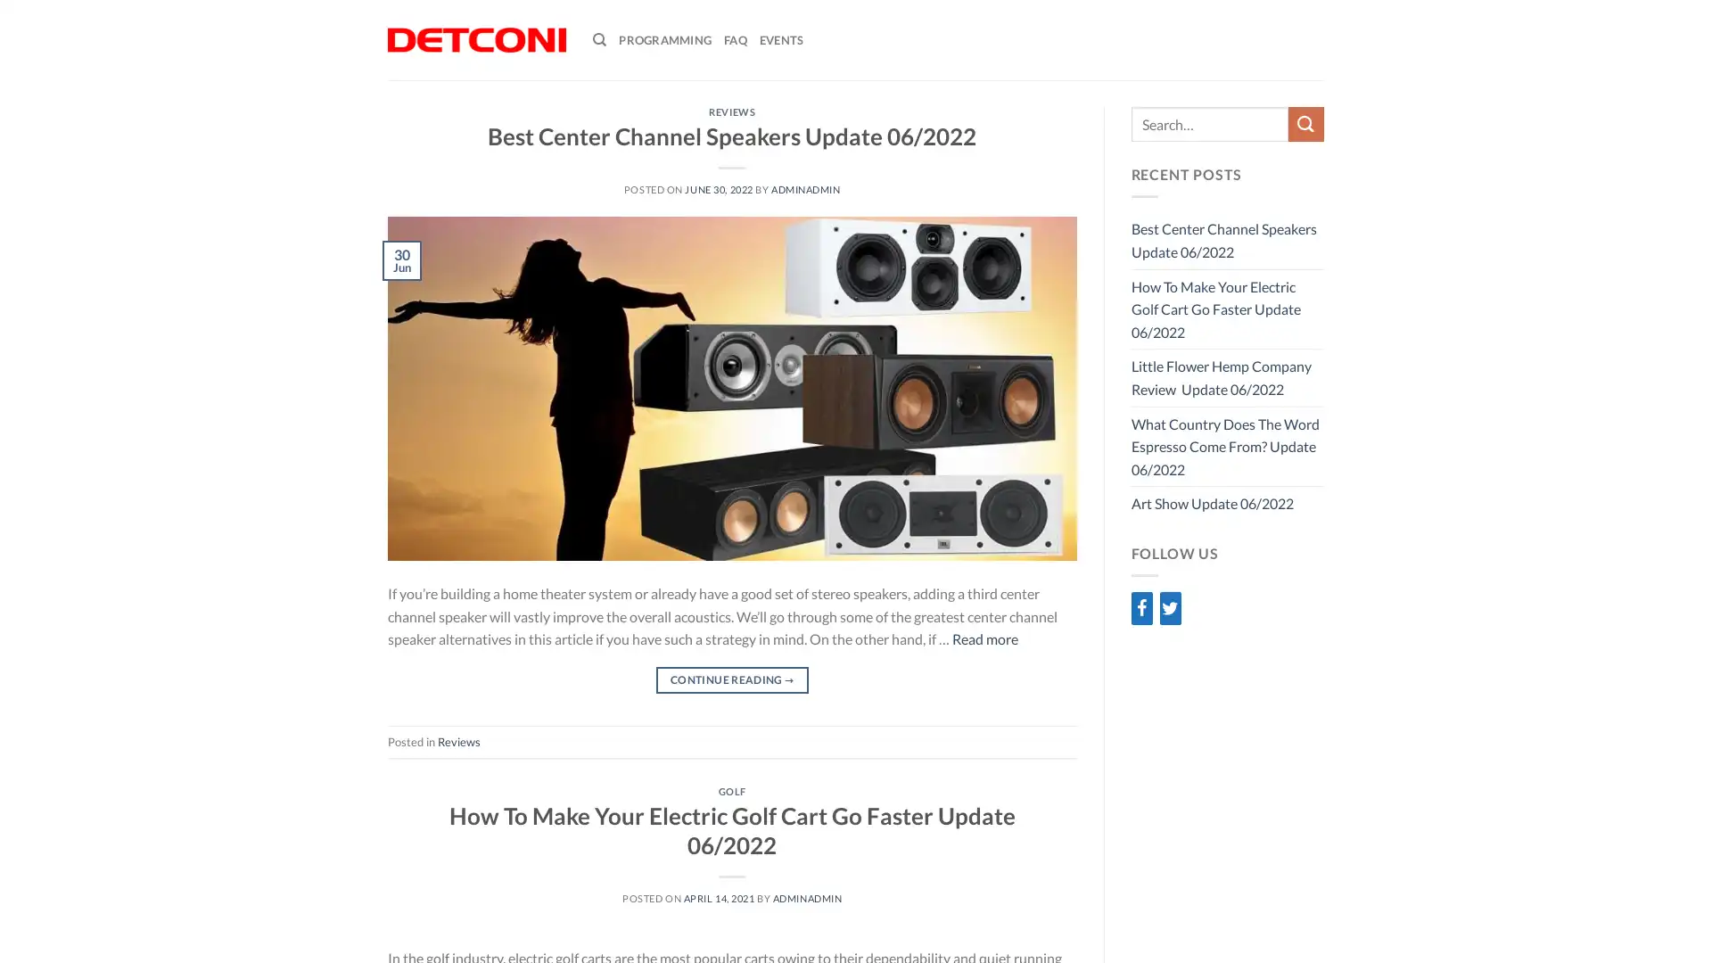 This screenshot has width=1712, height=963. What do you see at coordinates (1305, 123) in the screenshot?
I see `Submit` at bounding box center [1305, 123].